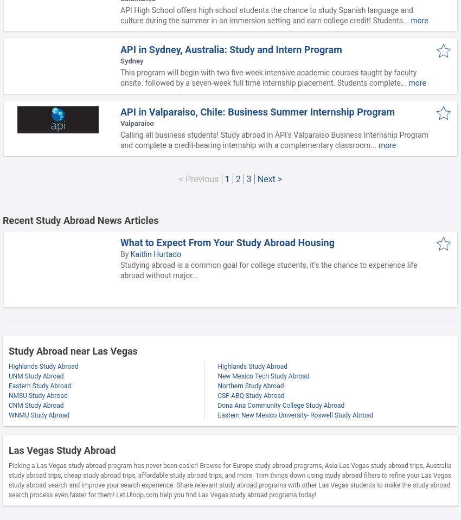 The image size is (461, 520). Describe the element at coordinates (40, 385) in the screenshot. I see `'Eastern Study Abroad'` at that location.